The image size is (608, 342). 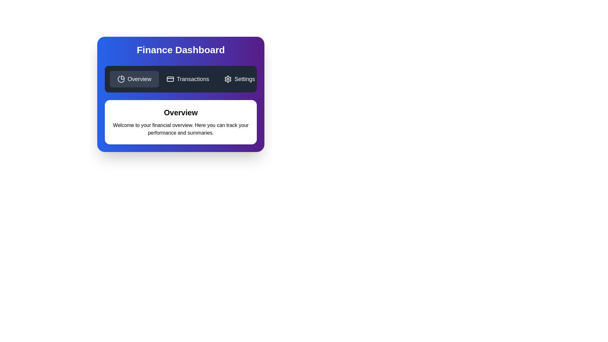 What do you see at coordinates (170, 79) in the screenshot?
I see `the 'Transactions' button represented by the credit card icon, which is the second option in the navigation row` at bounding box center [170, 79].